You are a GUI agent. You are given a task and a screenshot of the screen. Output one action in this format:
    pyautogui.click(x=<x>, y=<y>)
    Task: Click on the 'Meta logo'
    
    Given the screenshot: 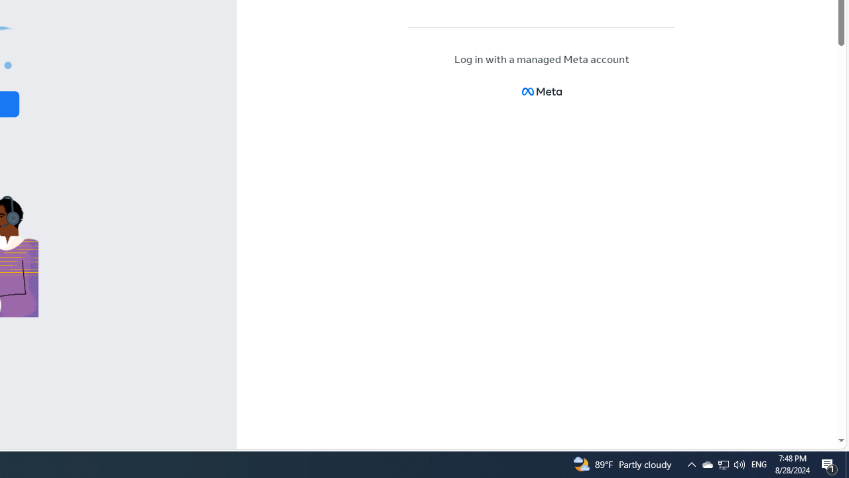 What is the action you would take?
    pyautogui.click(x=541, y=91)
    